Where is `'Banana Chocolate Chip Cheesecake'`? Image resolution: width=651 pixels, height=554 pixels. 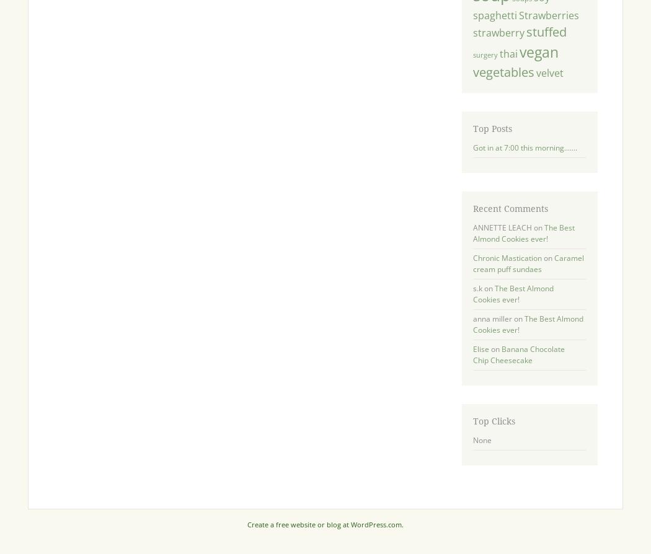
'Banana Chocolate Chip Cheesecake' is located at coordinates (518, 354).